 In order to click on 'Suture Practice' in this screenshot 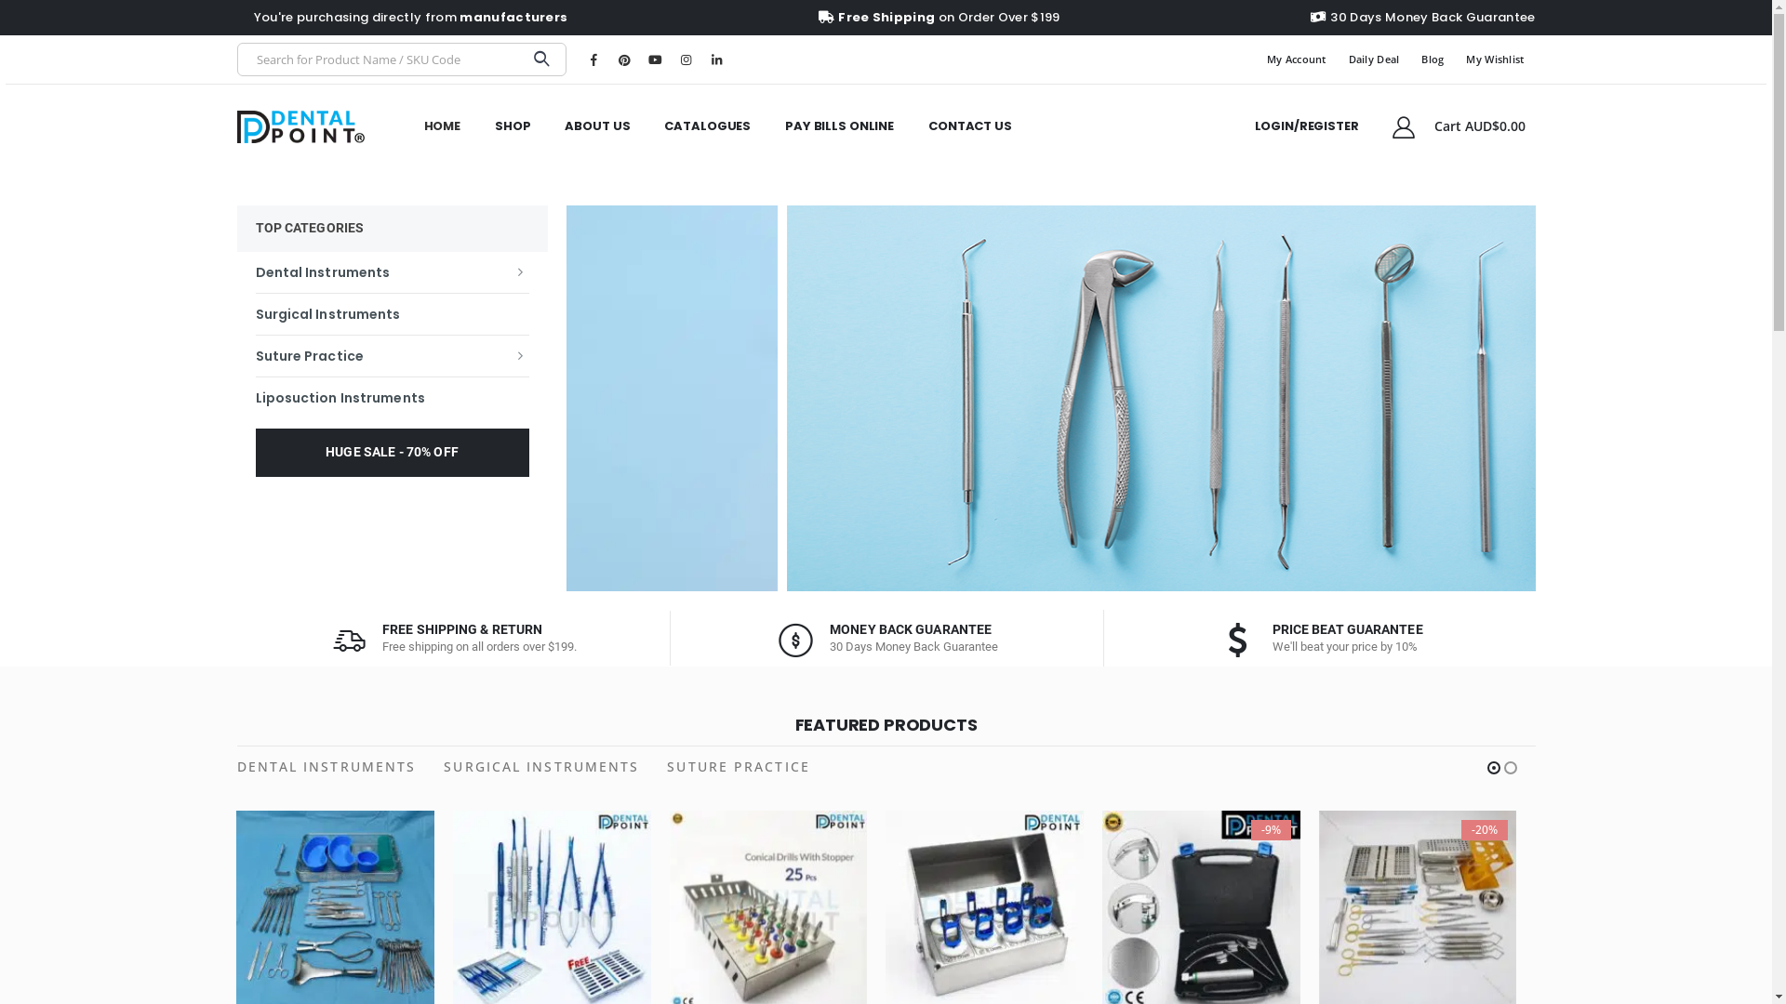, I will do `click(391, 354)`.